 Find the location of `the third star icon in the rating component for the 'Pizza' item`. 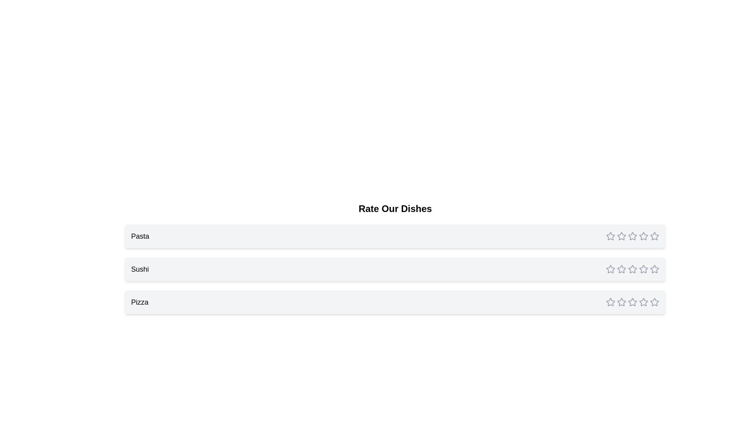

the third star icon in the rating component for the 'Pizza' item is located at coordinates (633, 302).